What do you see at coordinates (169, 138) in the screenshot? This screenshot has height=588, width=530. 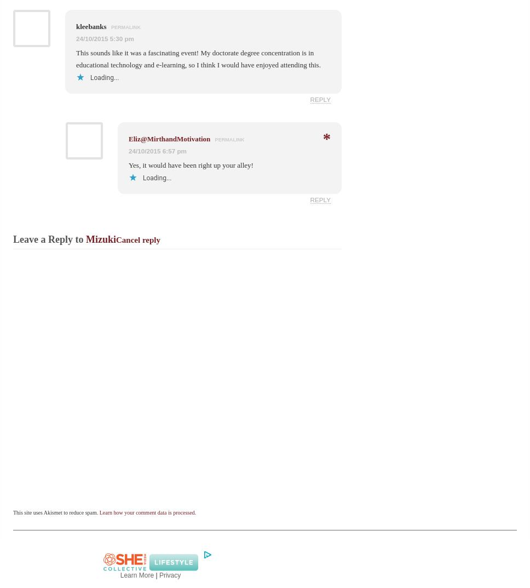 I see `'Eliz@MirthandMotivation'` at bounding box center [169, 138].